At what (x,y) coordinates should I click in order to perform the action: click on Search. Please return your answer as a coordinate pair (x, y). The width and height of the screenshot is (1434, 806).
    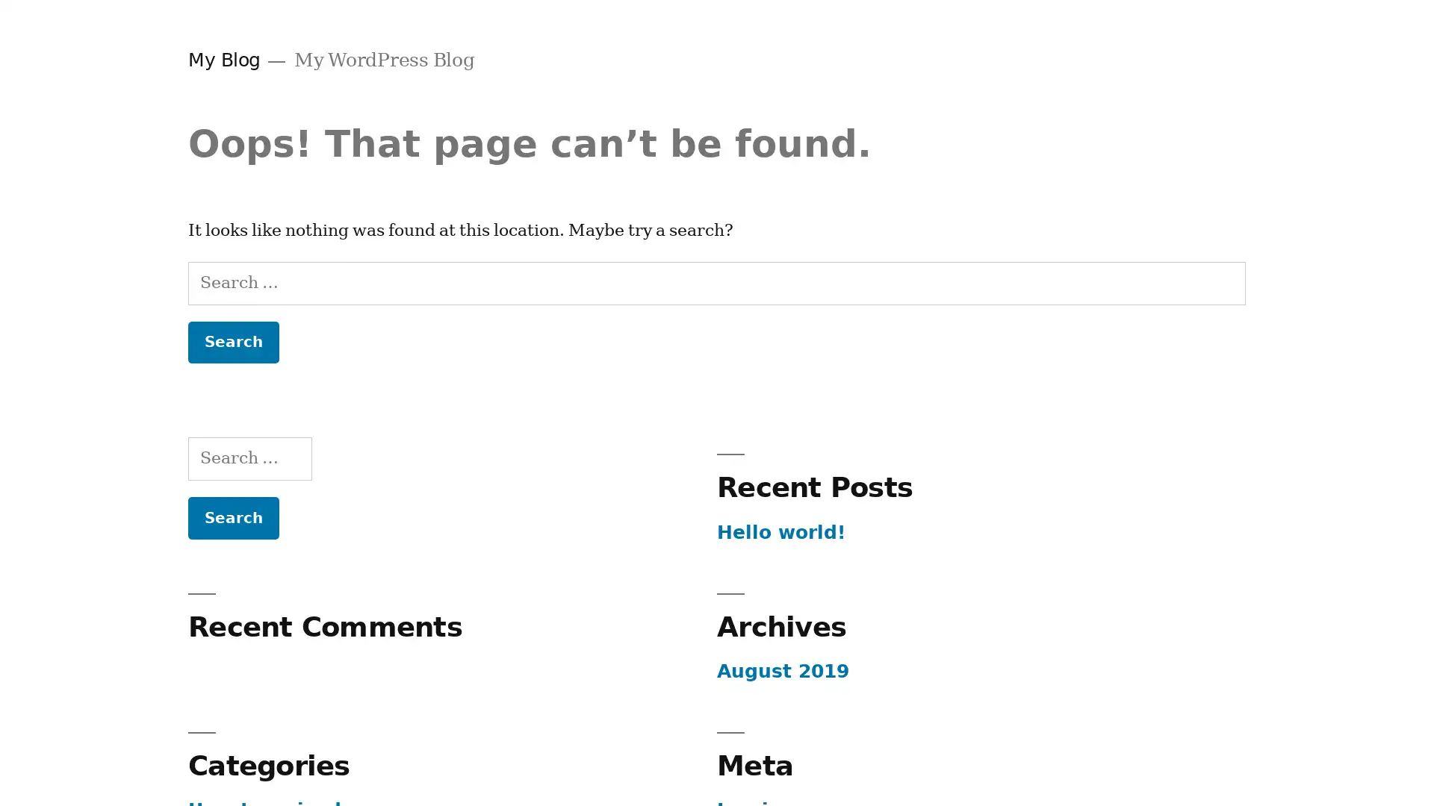
    Looking at the image, I should click on (232, 342).